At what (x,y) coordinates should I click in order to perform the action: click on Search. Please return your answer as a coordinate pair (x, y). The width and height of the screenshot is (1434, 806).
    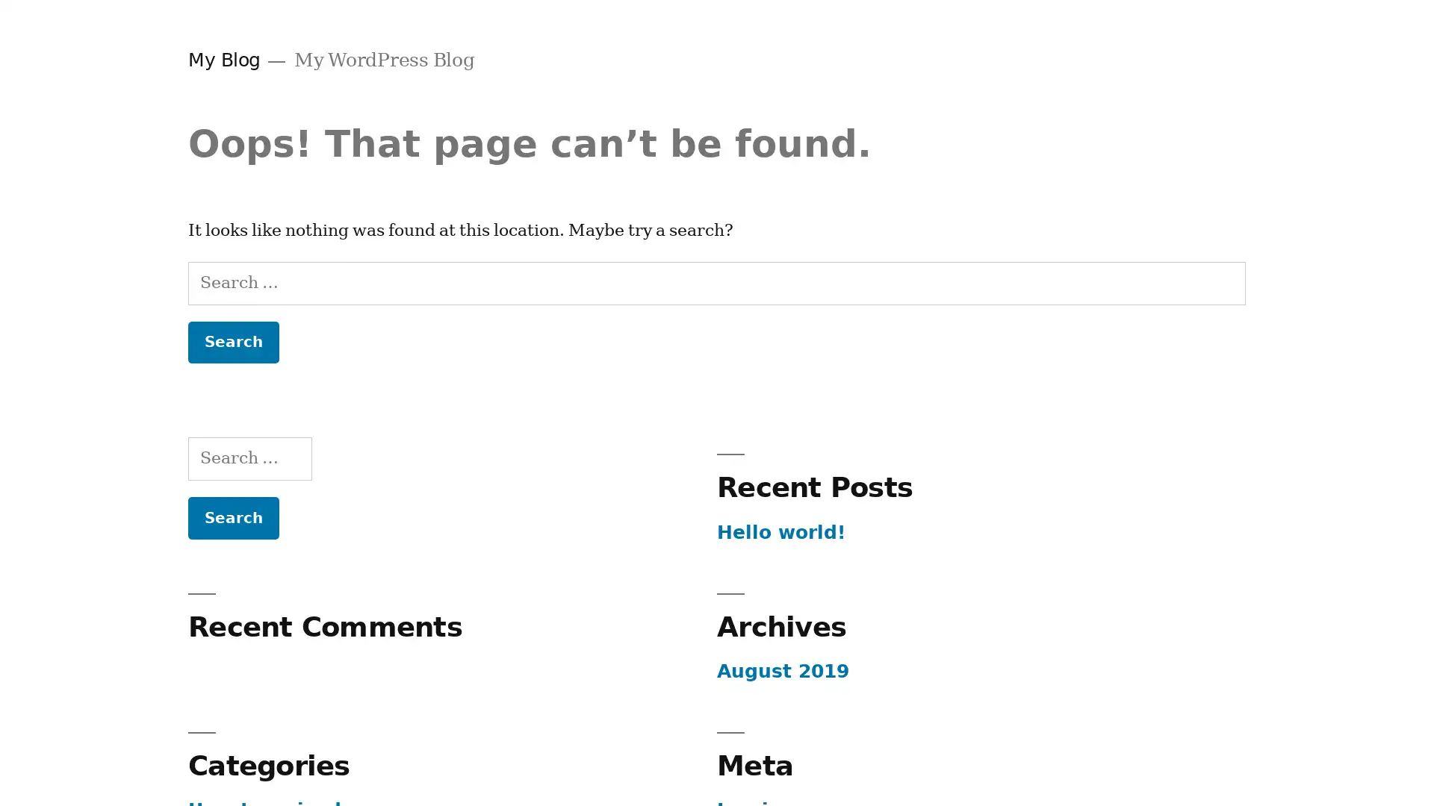
    Looking at the image, I should click on (232, 342).